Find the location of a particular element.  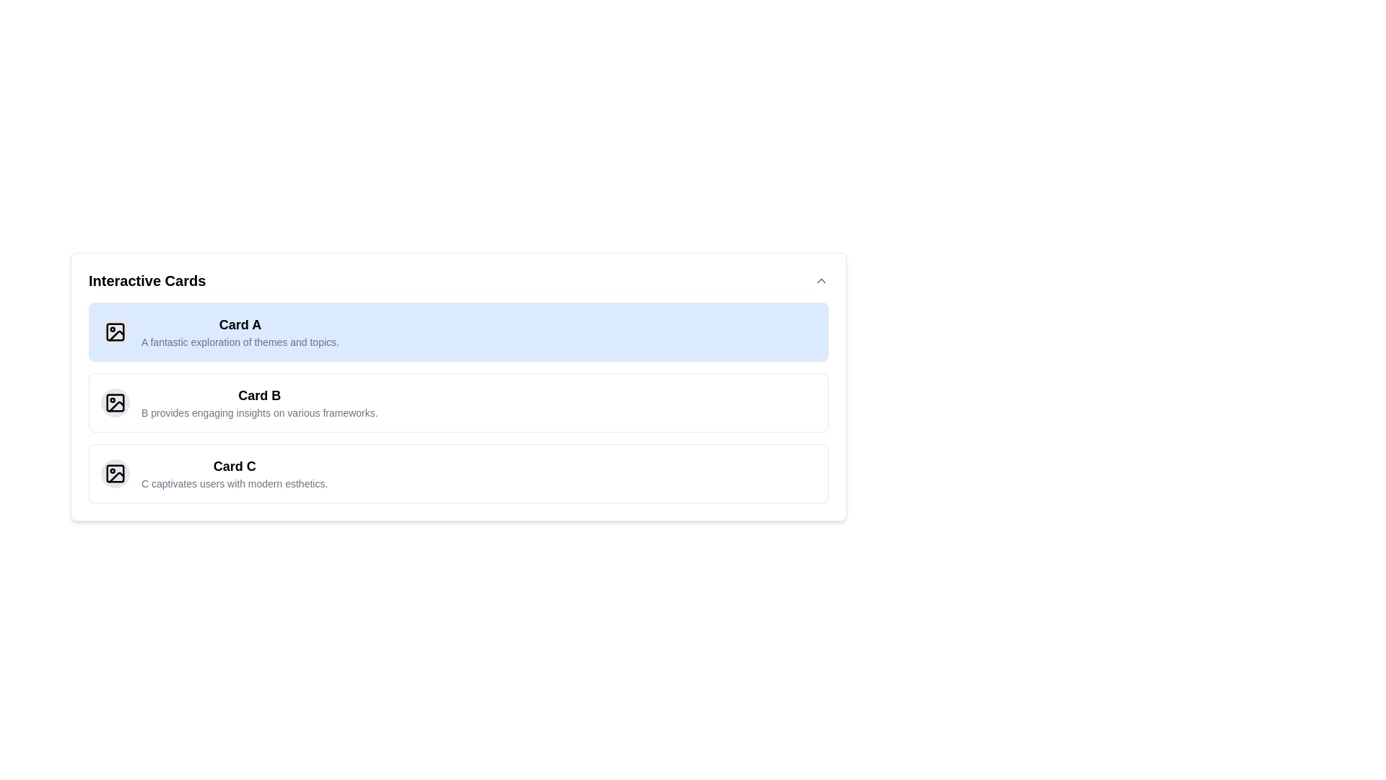

the 'Card C' element is located at coordinates (458, 473).